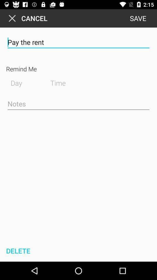 This screenshot has width=157, height=280. What do you see at coordinates (138, 18) in the screenshot?
I see `the item at the top right corner` at bounding box center [138, 18].